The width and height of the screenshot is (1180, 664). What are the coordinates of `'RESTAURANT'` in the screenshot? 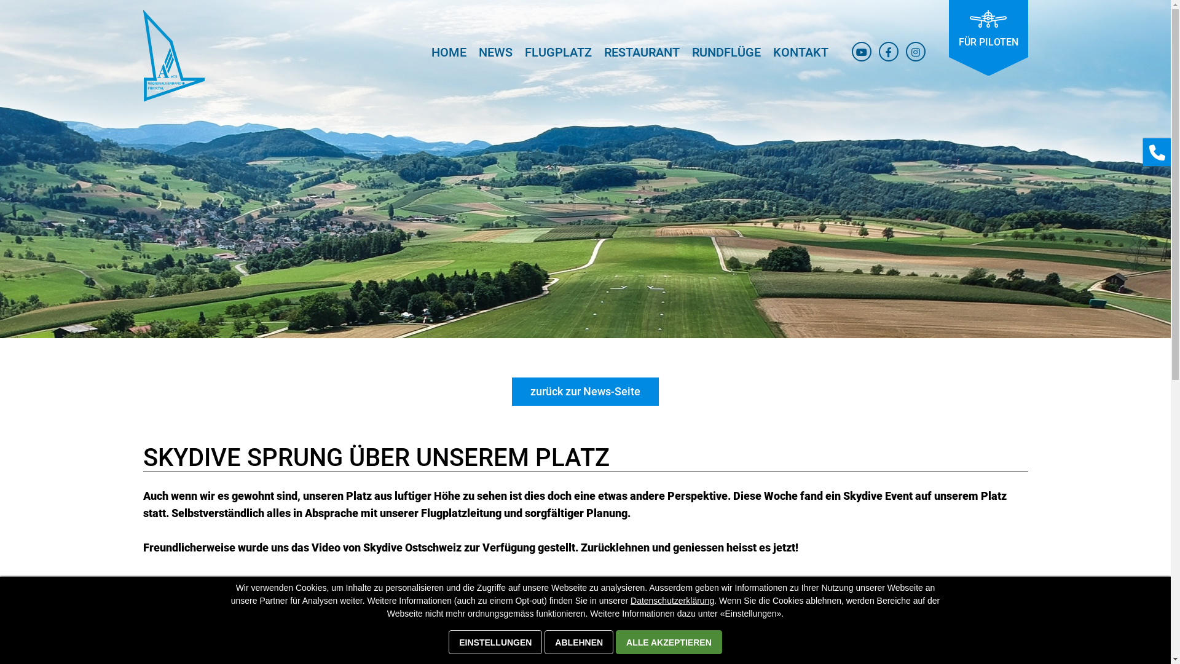 It's located at (640, 57).